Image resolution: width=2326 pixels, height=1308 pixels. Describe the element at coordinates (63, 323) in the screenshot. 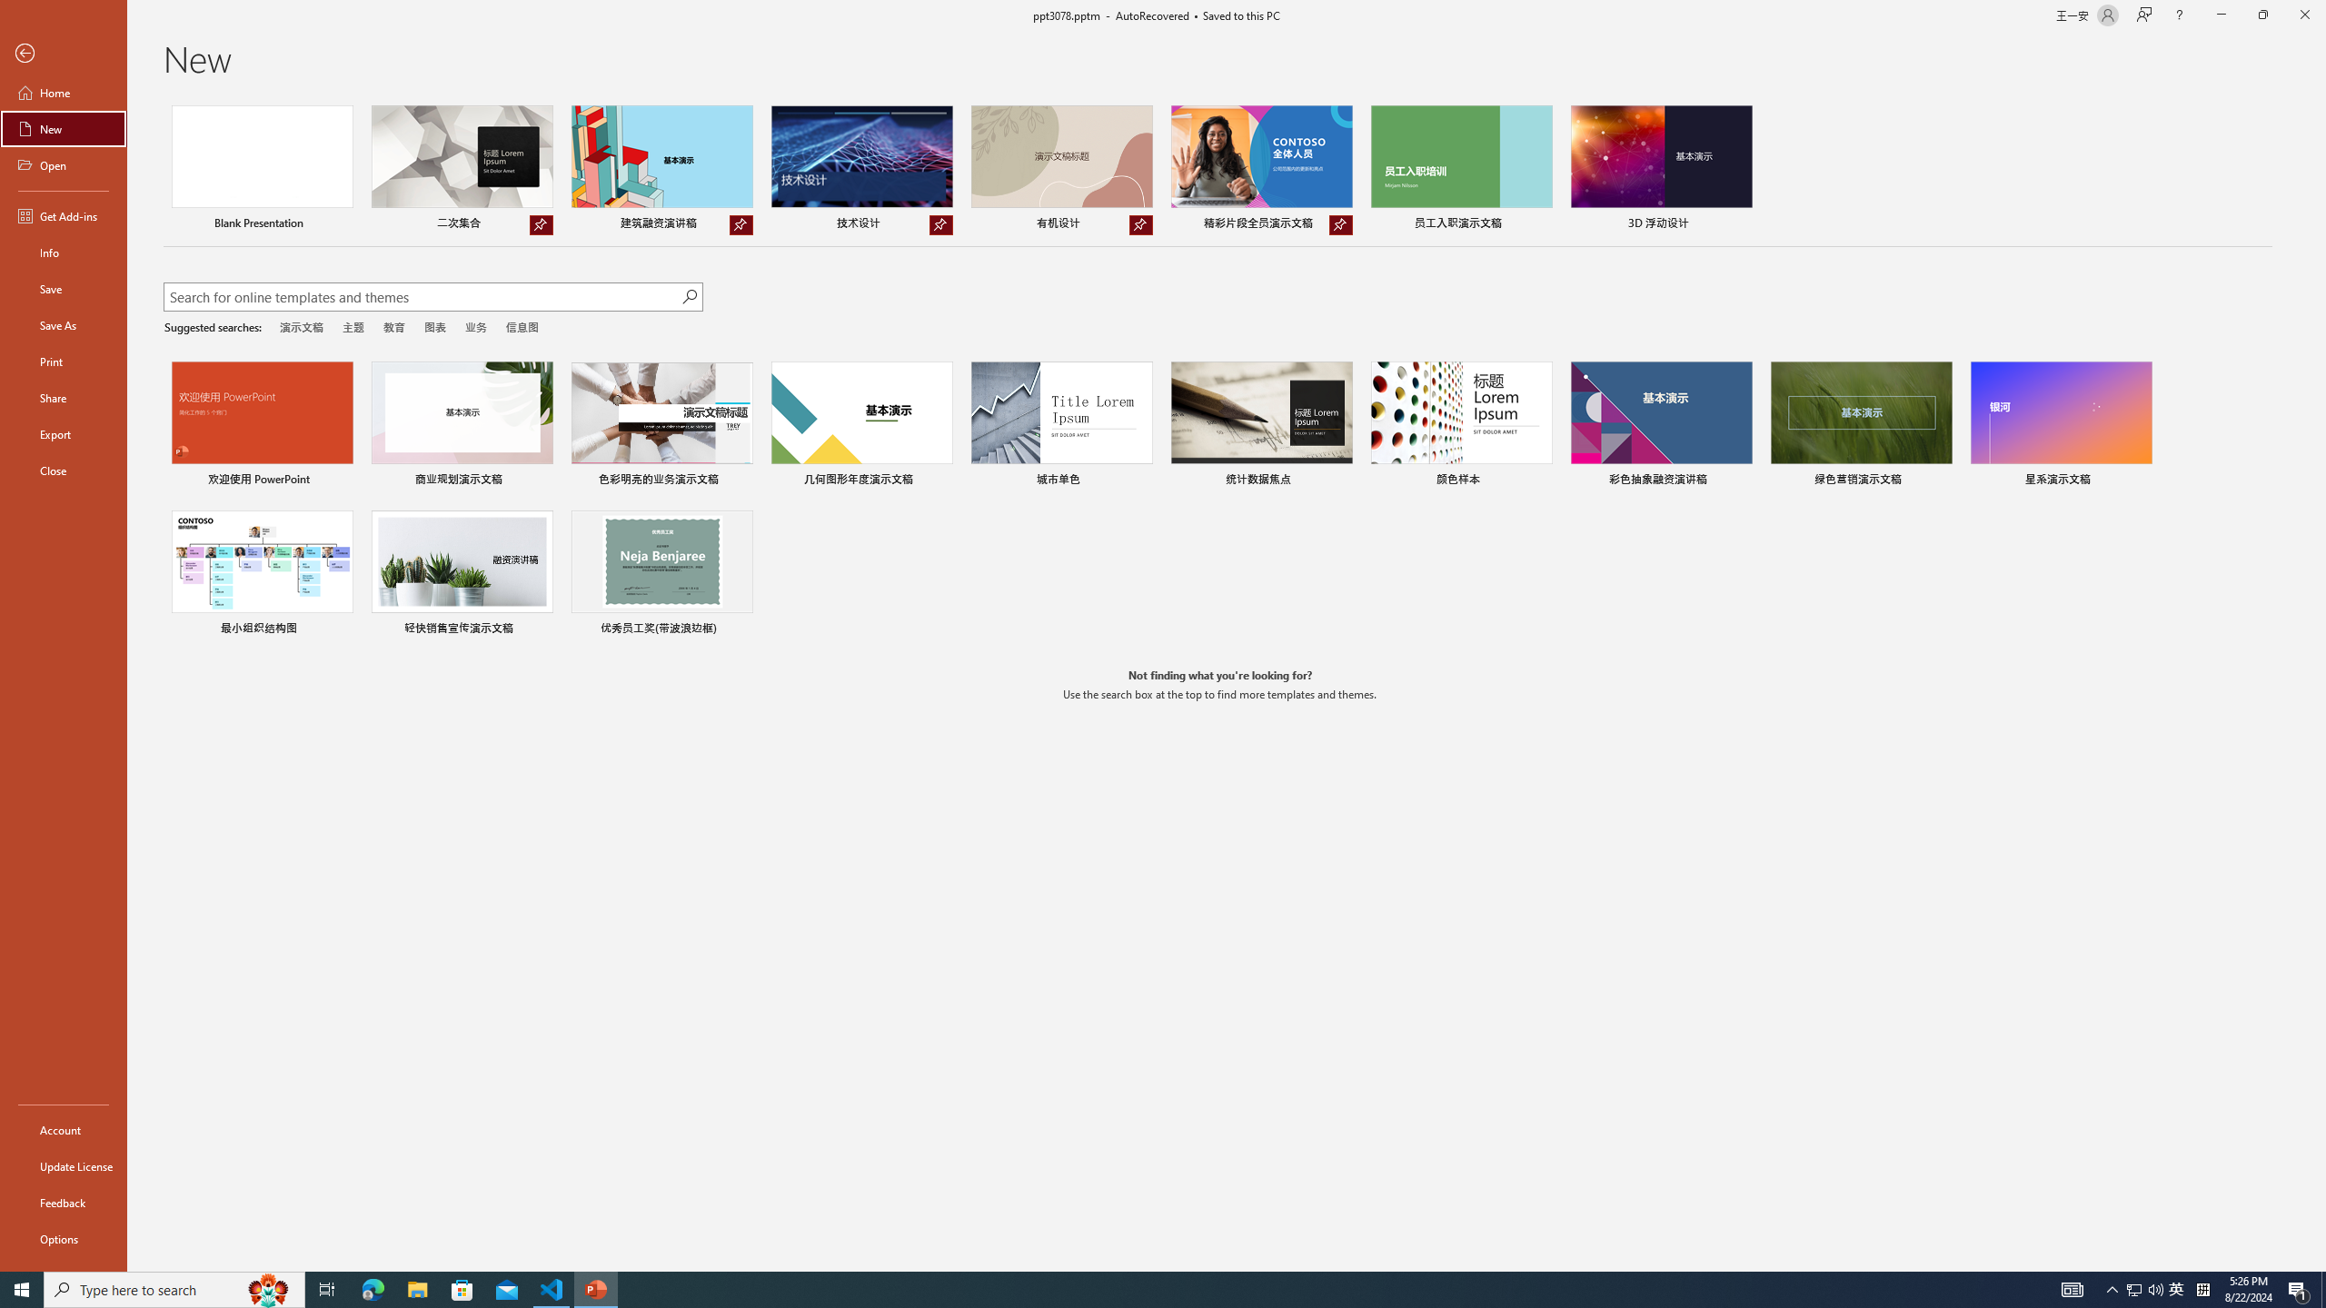

I see `'Save As'` at that location.